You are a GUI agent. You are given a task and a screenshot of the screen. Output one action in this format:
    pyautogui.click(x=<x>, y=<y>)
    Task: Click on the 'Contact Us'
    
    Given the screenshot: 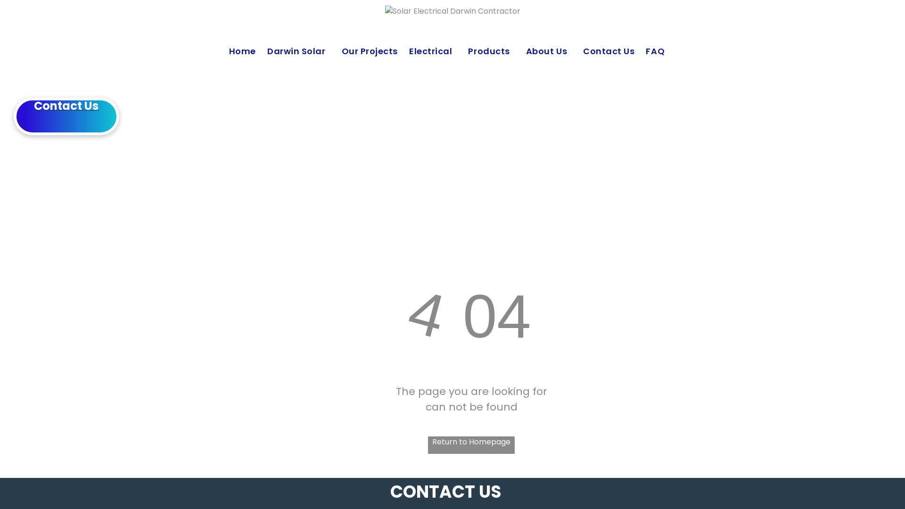 What is the action you would take?
    pyautogui.click(x=614, y=51)
    